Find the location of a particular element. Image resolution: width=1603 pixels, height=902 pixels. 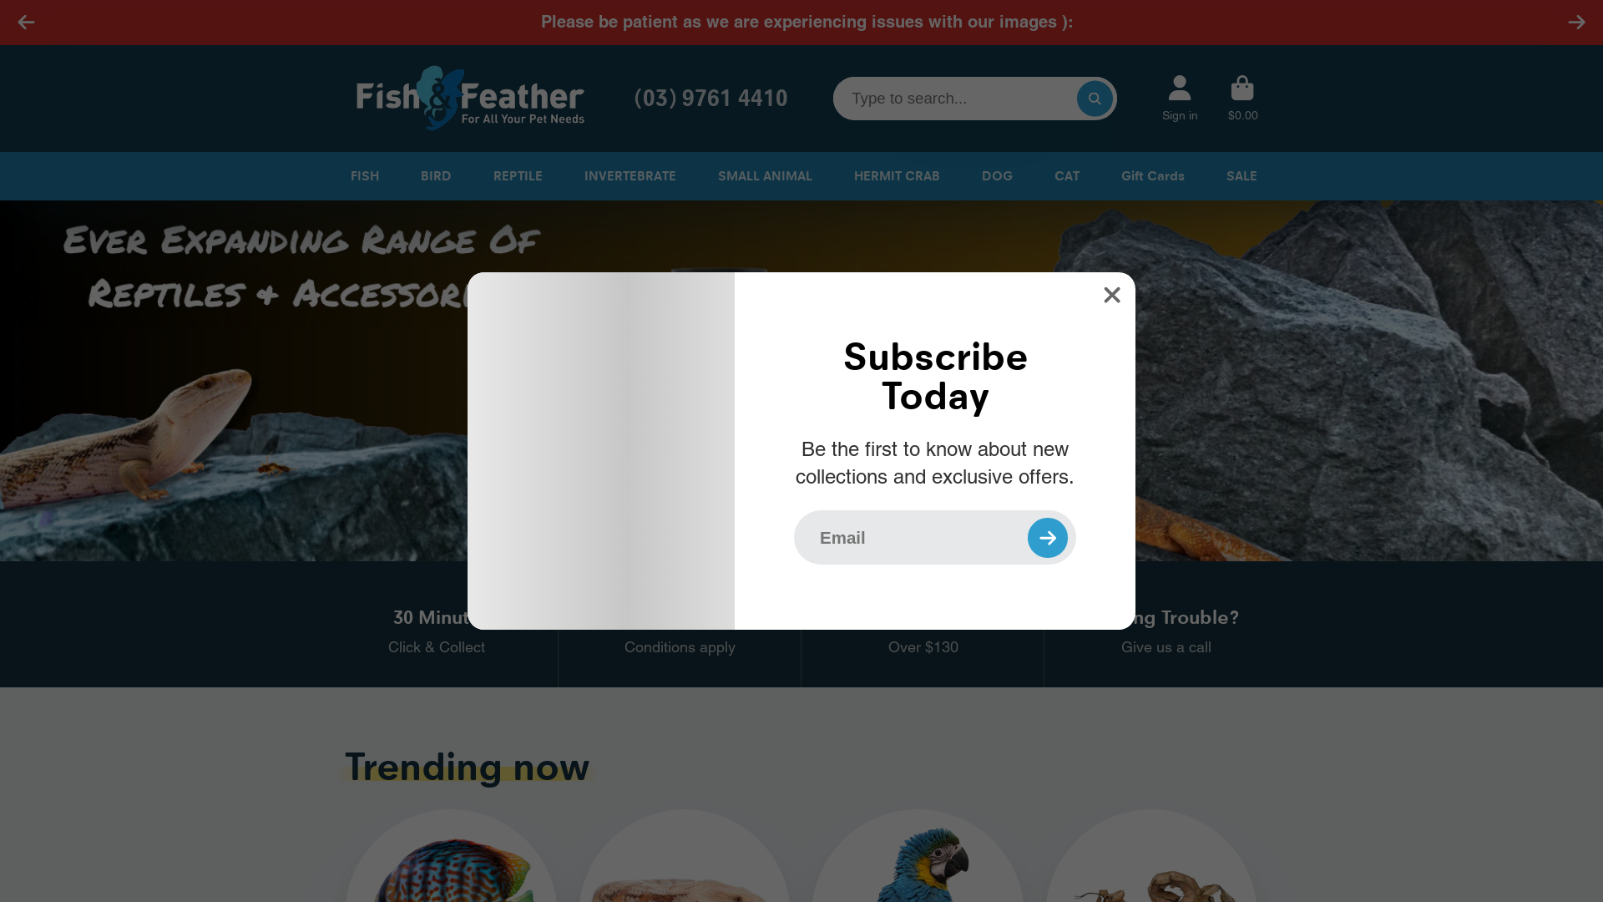

'INVERTEBRATE' is located at coordinates (627, 176).